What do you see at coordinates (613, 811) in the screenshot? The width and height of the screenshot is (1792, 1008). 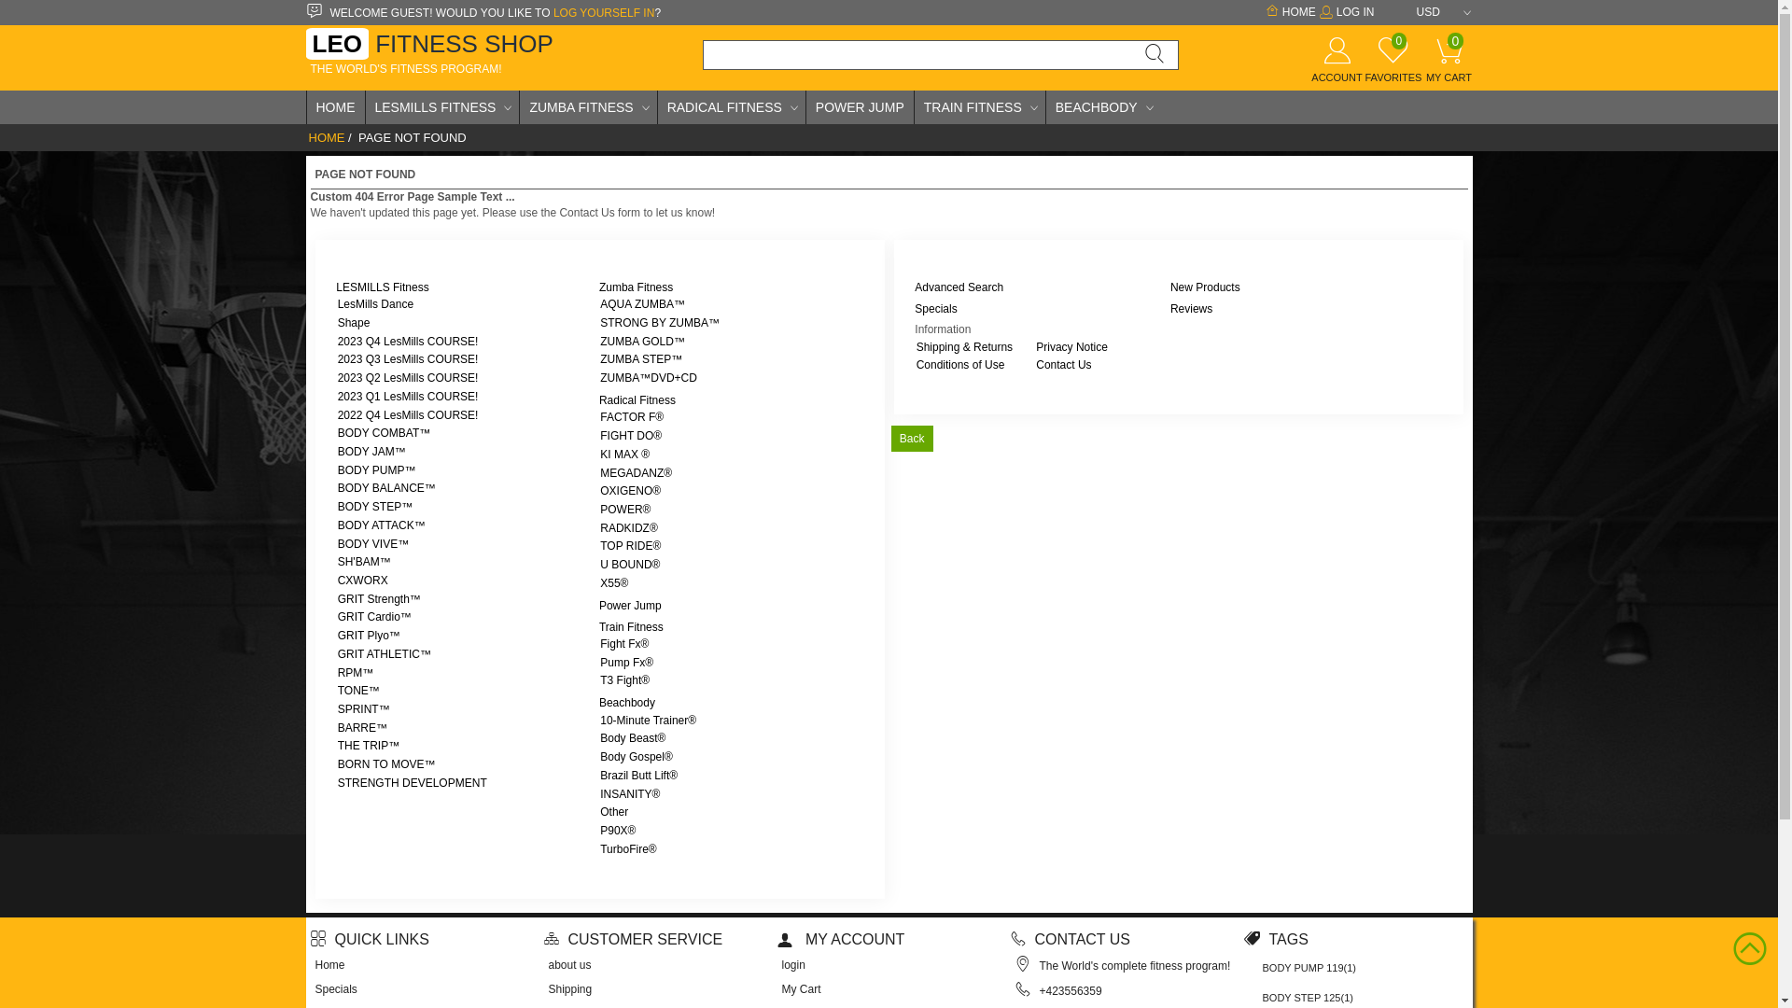 I see `'Other'` at bounding box center [613, 811].